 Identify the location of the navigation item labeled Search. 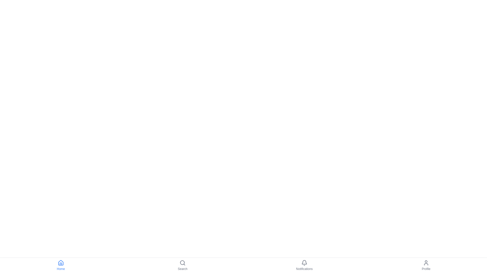
(183, 265).